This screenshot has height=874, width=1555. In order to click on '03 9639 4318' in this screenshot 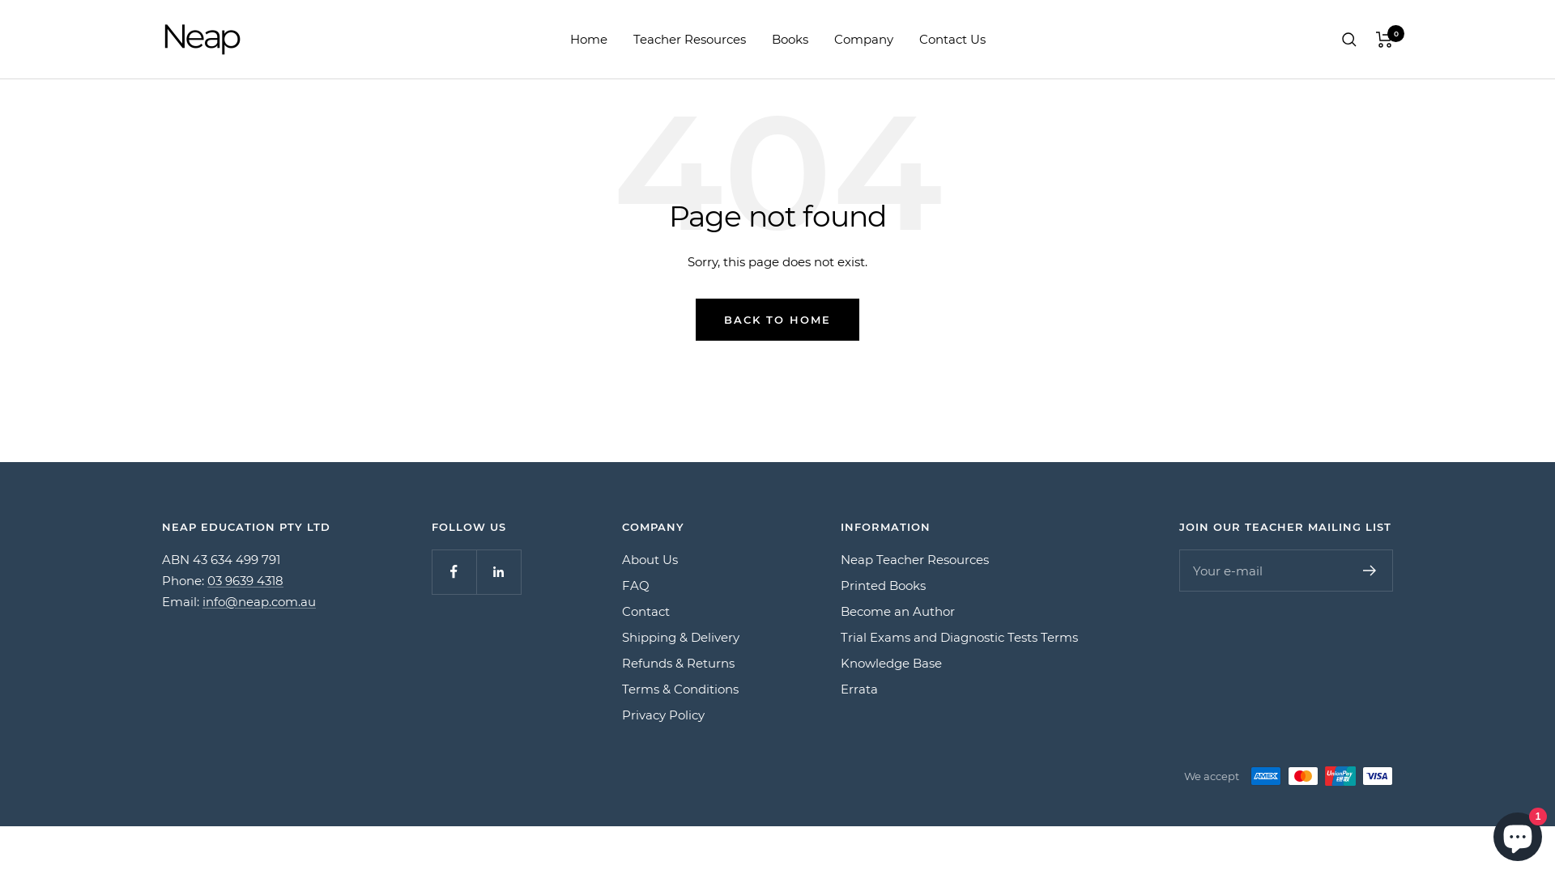, I will do `click(244, 579)`.